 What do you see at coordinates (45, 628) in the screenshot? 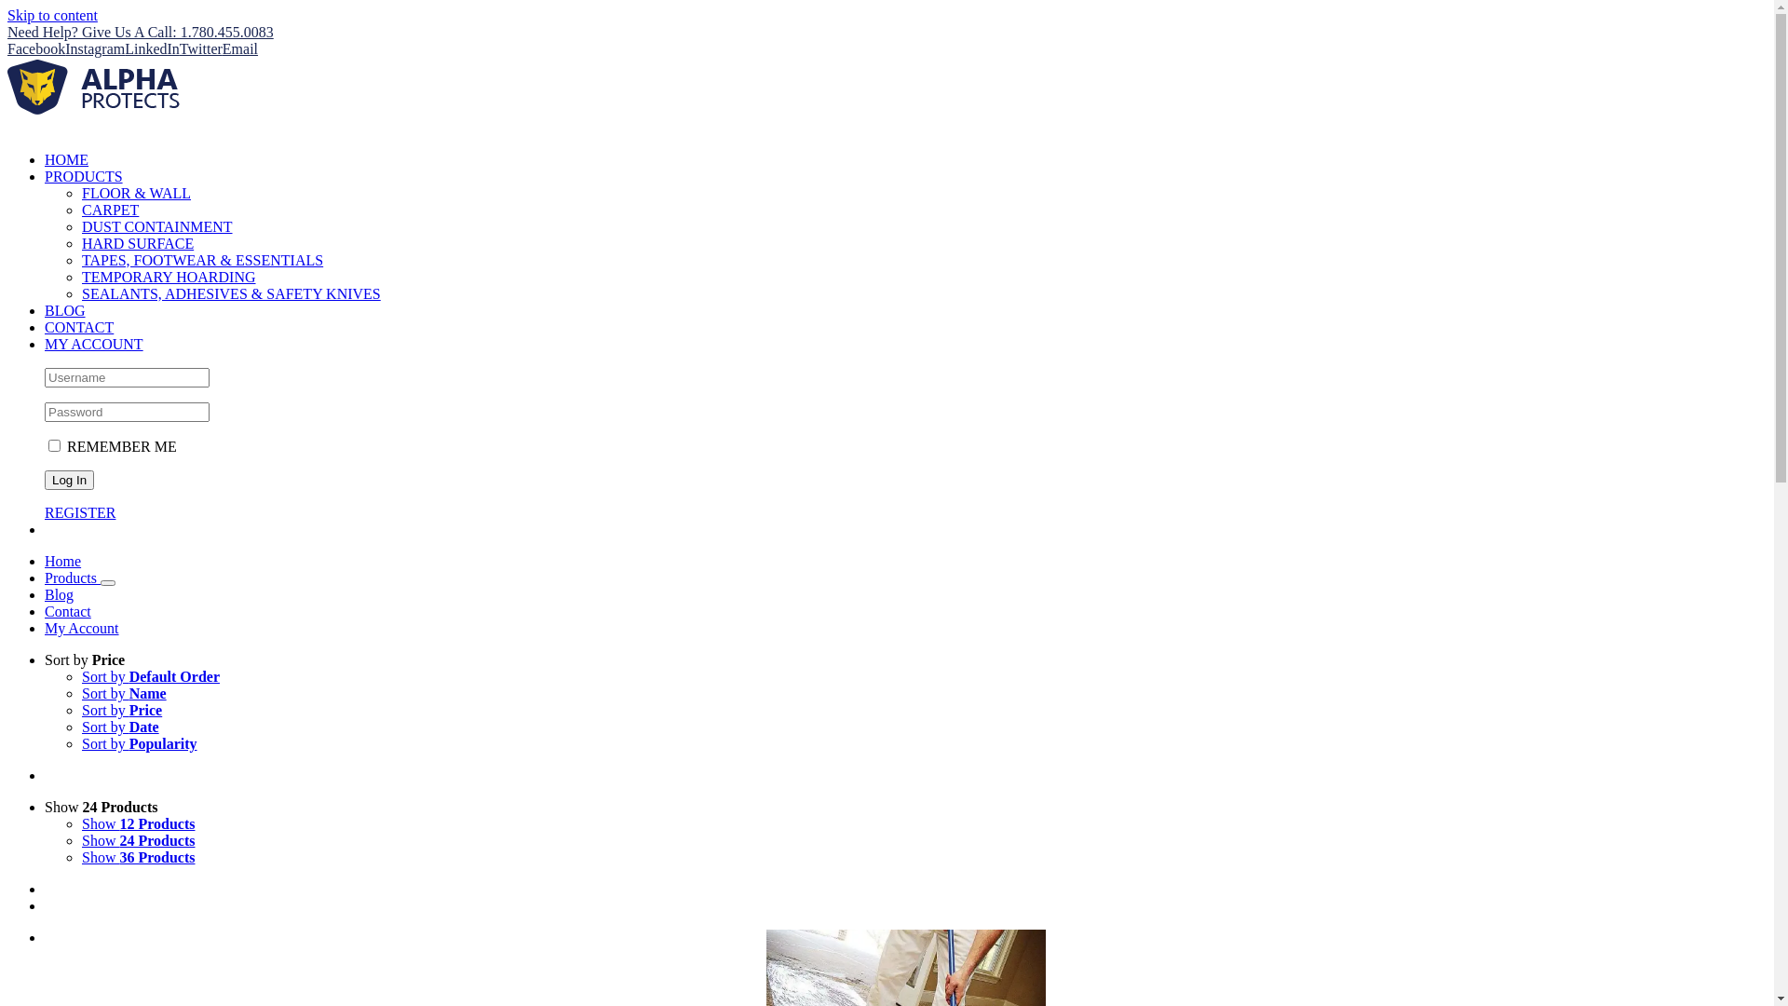
I see `'My Account'` at bounding box center [45, 628].